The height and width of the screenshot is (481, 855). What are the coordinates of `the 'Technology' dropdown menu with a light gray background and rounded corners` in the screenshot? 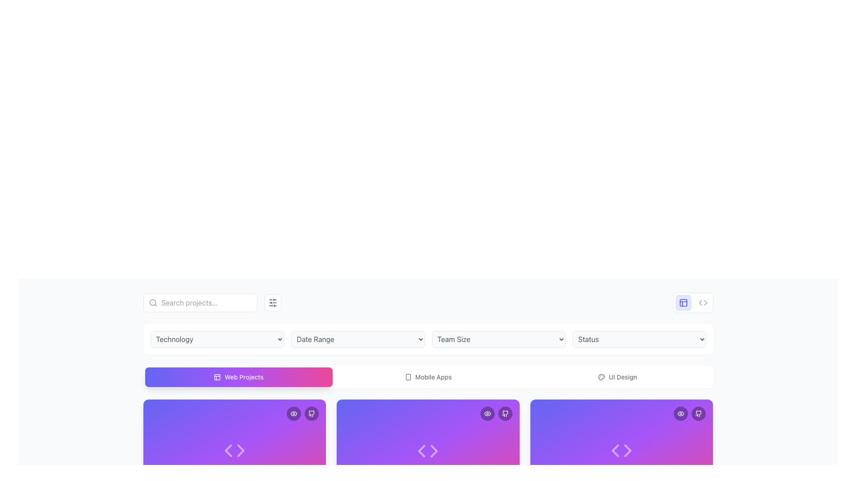 It's located at (217, 339).